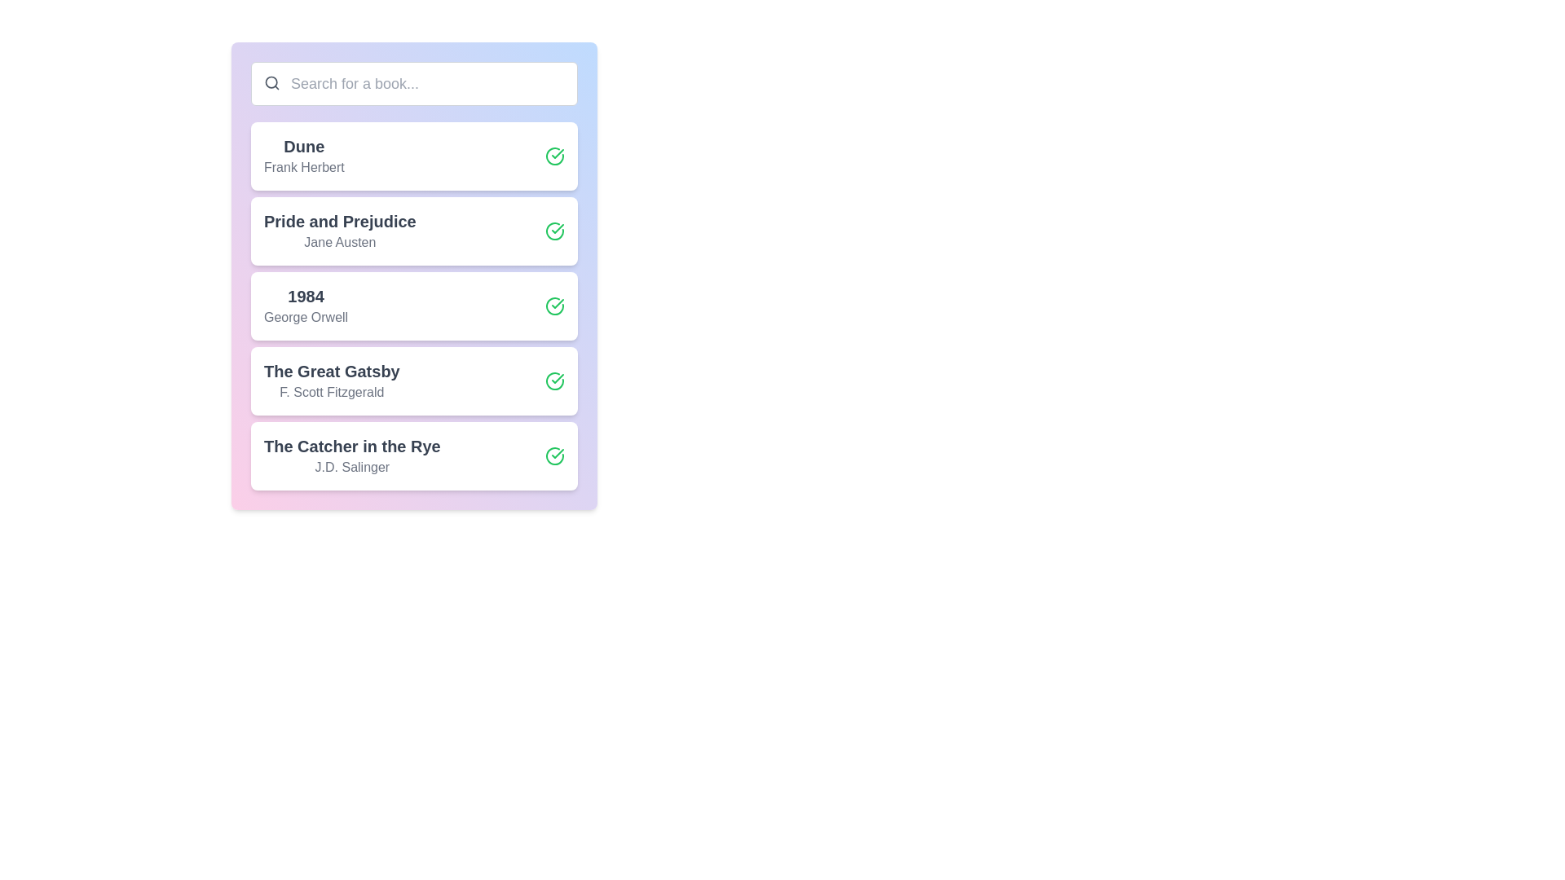 The height and width of the screenshot is (880, 1565). I want to click on the checkmark icon that indicates 'Pride and Prejudice' is selected, located on the right side of the second list entry, so click(558, 229).